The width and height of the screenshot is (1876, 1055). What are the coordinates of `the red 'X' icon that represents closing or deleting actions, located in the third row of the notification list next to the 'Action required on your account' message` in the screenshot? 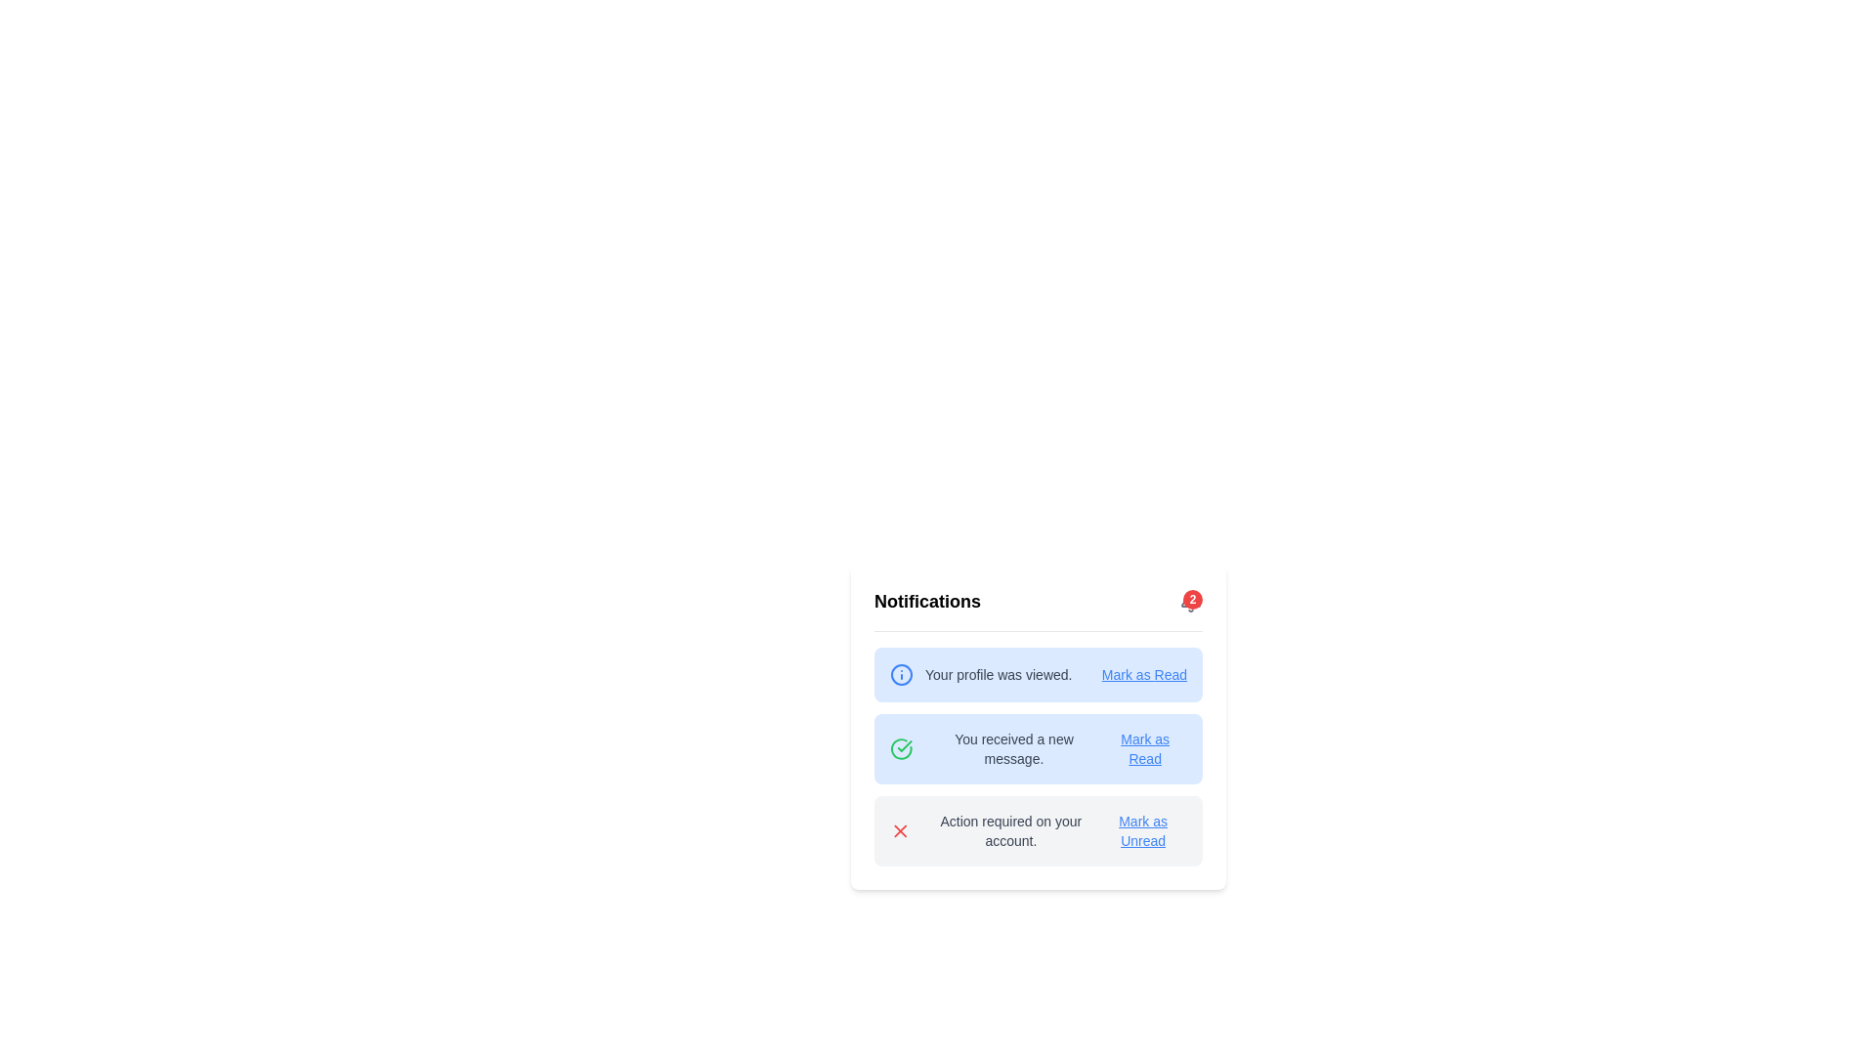 It's located at (899, 831).